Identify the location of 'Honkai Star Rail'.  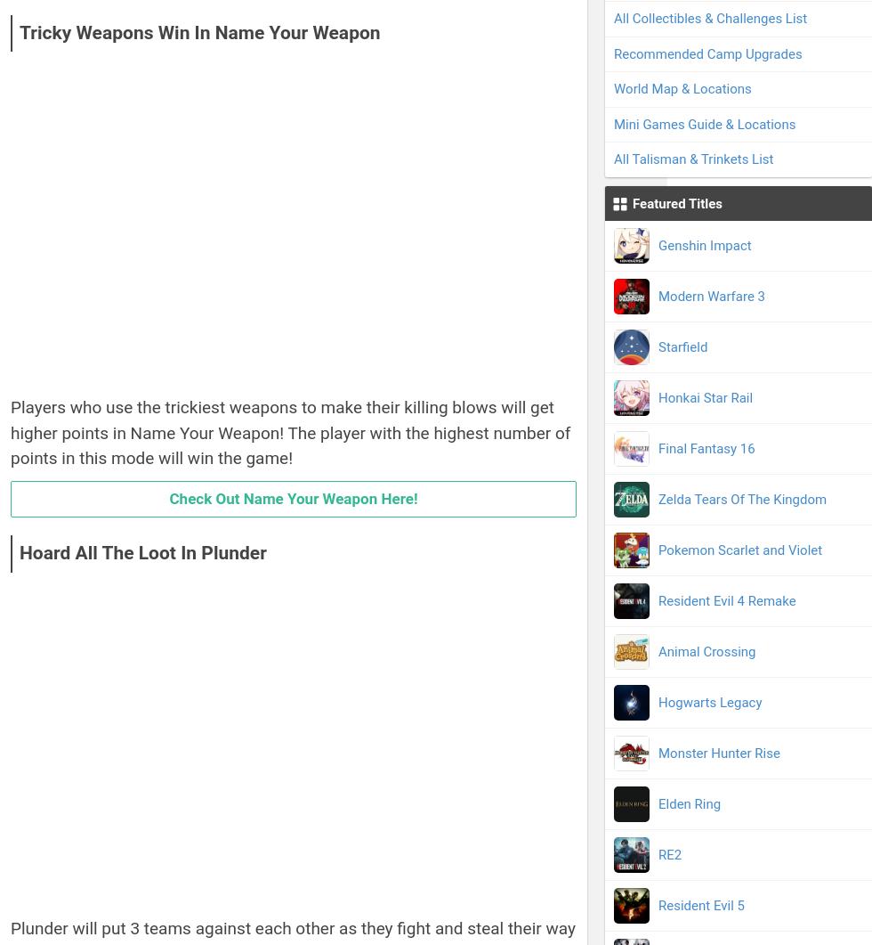
(706, 397).